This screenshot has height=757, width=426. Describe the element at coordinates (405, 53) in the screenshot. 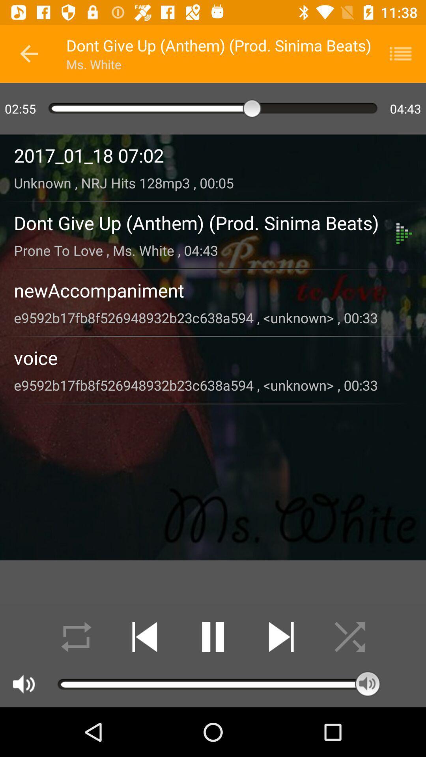

I see `more options` at that location.